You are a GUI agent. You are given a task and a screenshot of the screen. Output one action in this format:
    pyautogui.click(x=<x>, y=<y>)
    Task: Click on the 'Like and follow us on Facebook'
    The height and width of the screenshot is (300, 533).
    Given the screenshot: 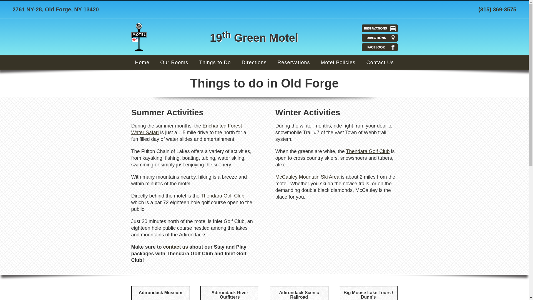 What is the action you would take?
    pyautogui.click(x=379, y=47)
    